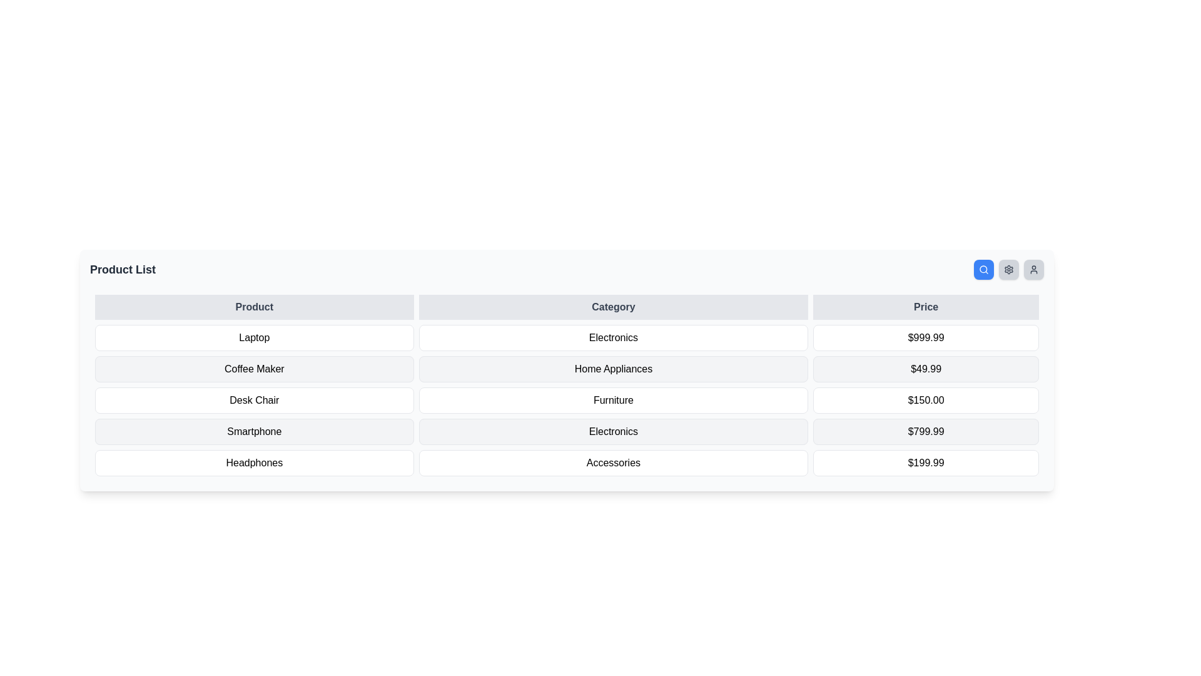  What do you see at coordinates (613, 431) in the screenshot?
I see `the table cell that signifies the category 'Electronics' for the product 'Smartphone', located in the second column of the fourth row under the 'Category' heading` at bounding box center [613, 431].